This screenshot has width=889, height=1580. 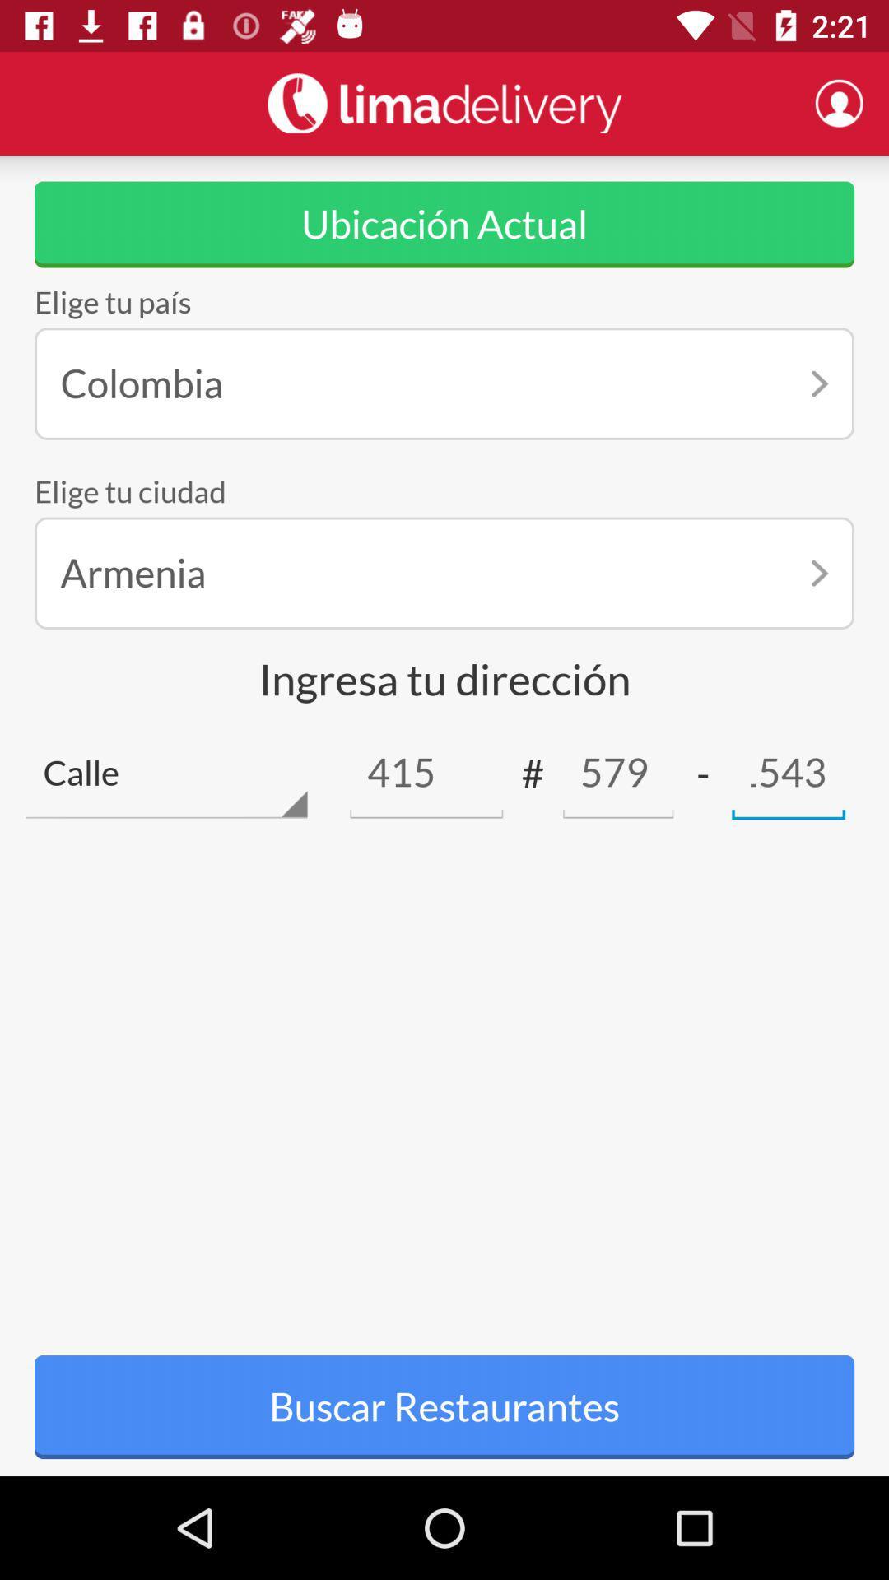 What do you see at coordinates (839, 102) in the screenshot?
I see `profile button` at bounding box center [839, 102].